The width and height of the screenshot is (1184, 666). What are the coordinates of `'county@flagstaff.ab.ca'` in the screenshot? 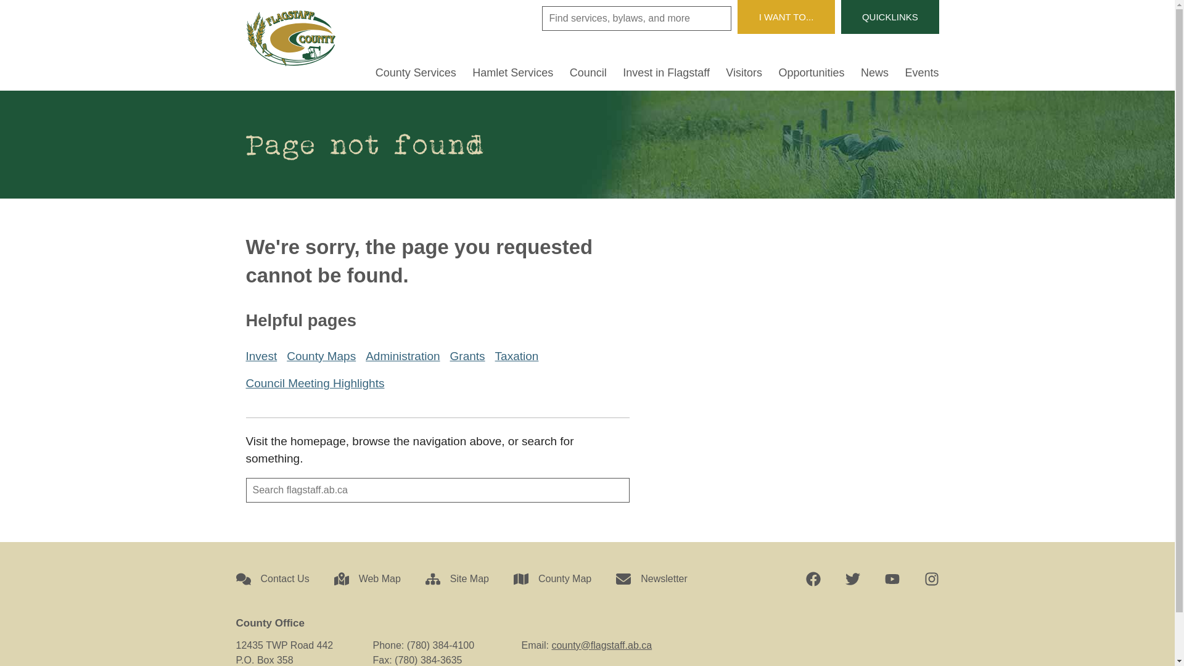 It's located at (601, 644).